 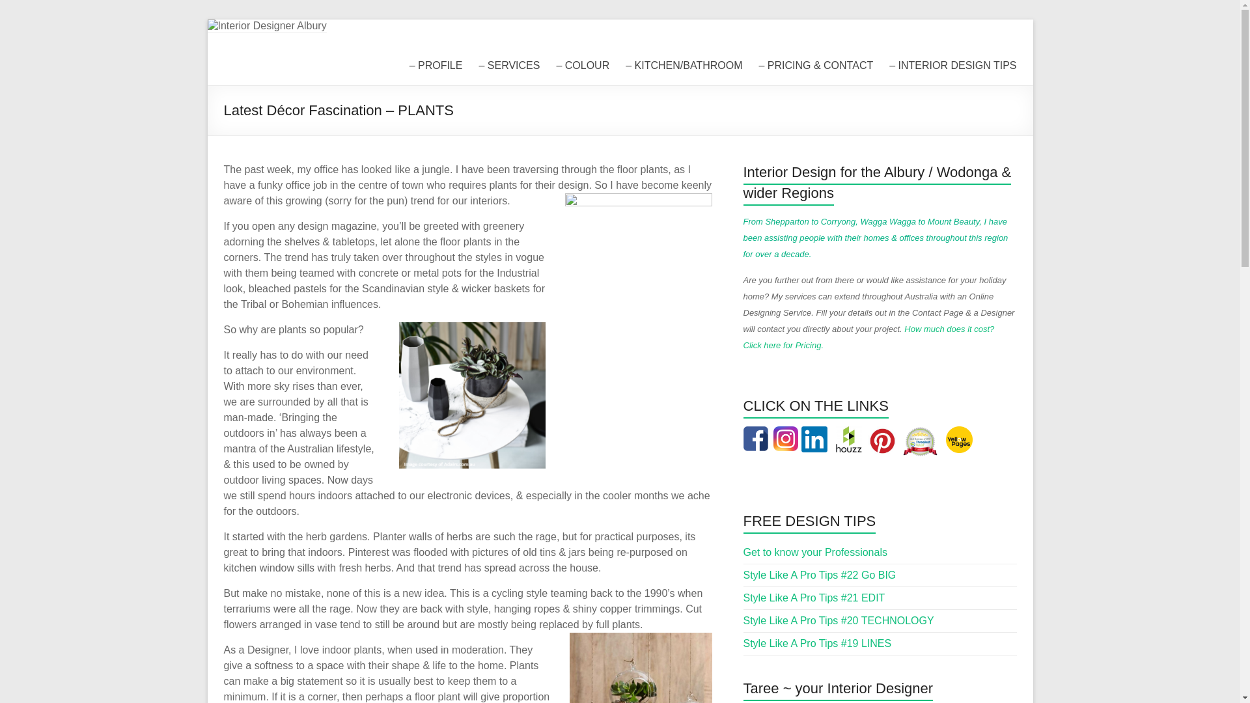 What do you see at coordinates (817, 642) in the screenshot?
I see `'Style Like A Pro Tips #19 LINES'` at bounding box center [817, 642].